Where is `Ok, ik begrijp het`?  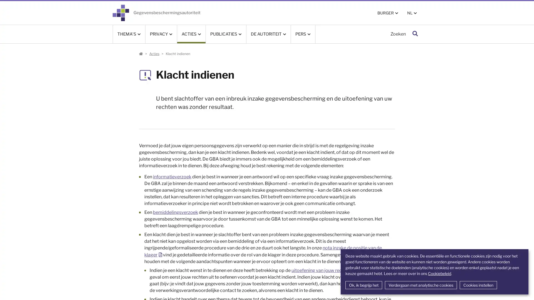 Ok, ik begrijp het is located at coordinates (363, 285).